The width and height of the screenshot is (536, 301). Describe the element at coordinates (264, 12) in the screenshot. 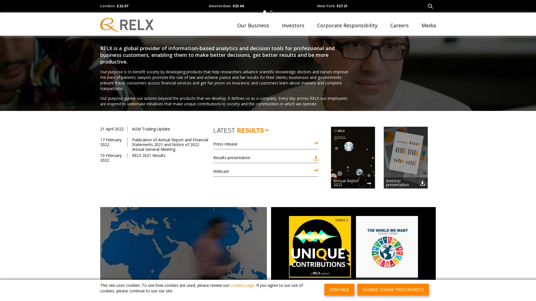

I see `1` at that location.